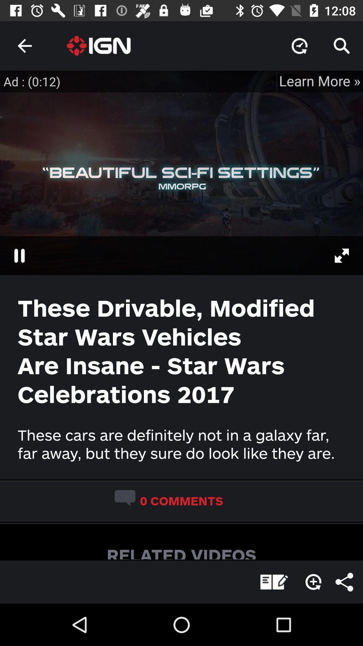 The width and height of the screenshot is (363, 646). What do you see at coordinates (19, 255) in the screenshot?
I see `the pause icon` at bounding box center [19, 255].